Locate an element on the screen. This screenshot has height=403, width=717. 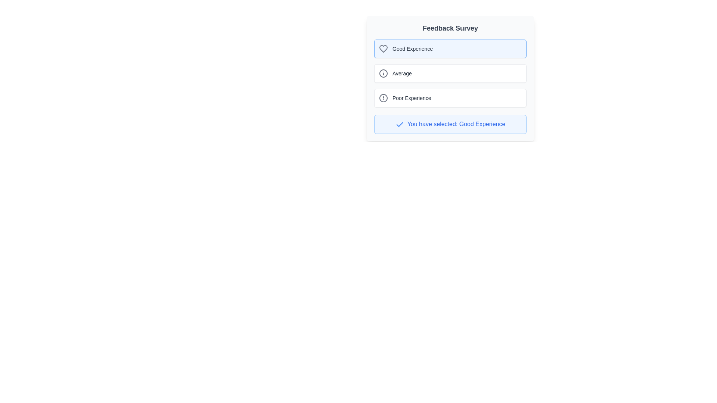
the 'Poor Experience' selectable option in the feedback survey, which is the third option in the vertical list is located at coordinates (450, 97).